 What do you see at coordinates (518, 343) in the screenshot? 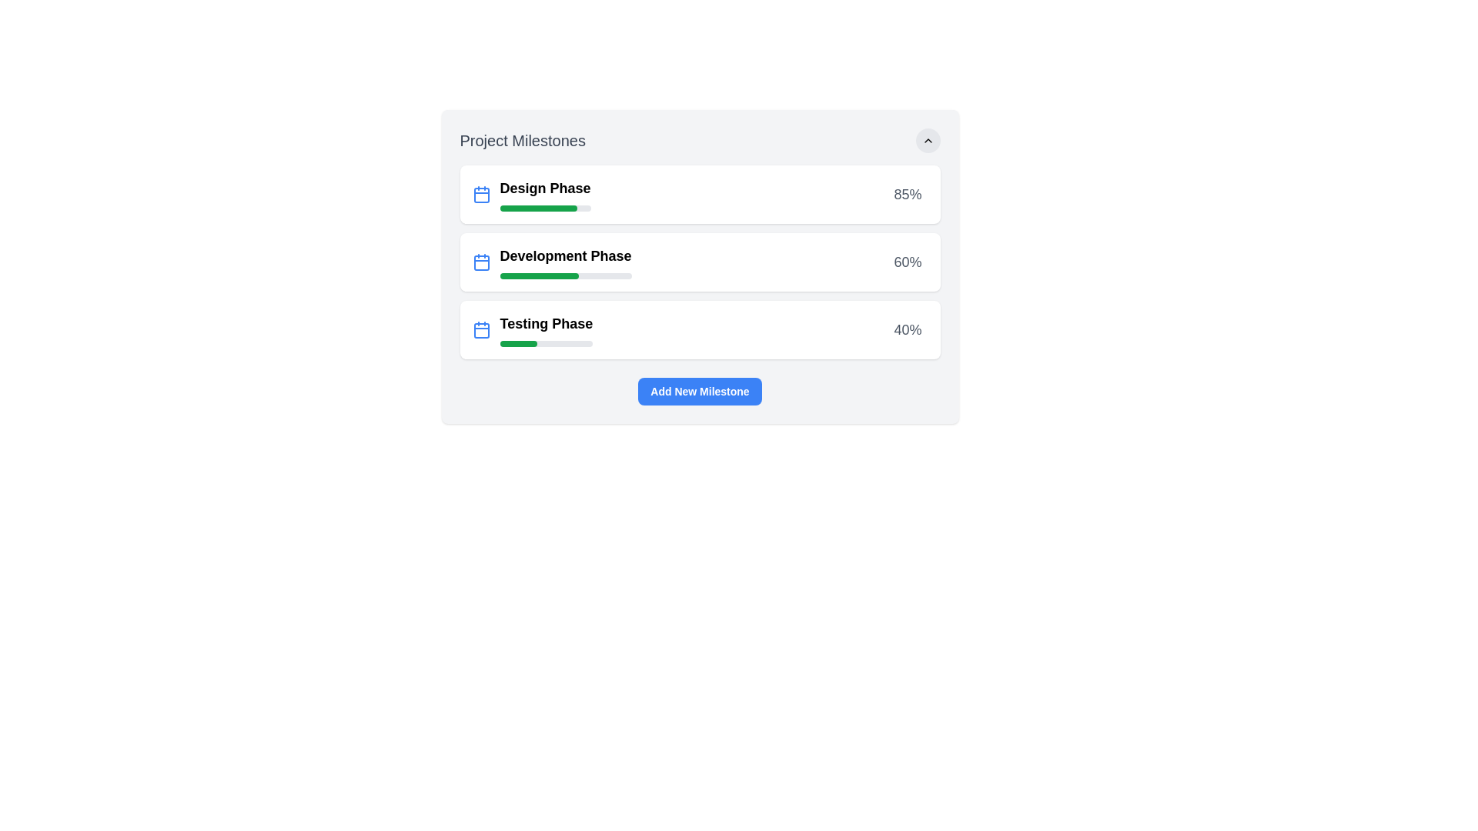
I see `the green progress bar within the 'Testing Phase' milestone card to potentially display additional information` at bounding box center [518, 343].